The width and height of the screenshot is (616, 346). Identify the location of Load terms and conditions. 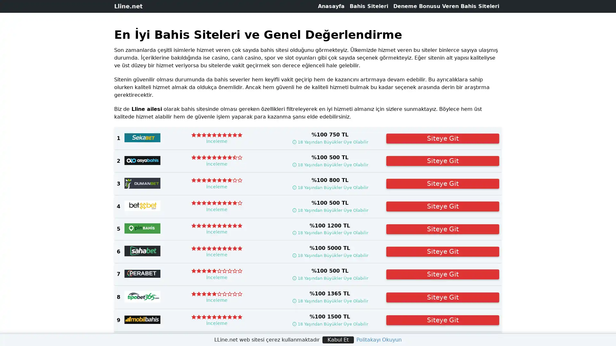
(329, 142).